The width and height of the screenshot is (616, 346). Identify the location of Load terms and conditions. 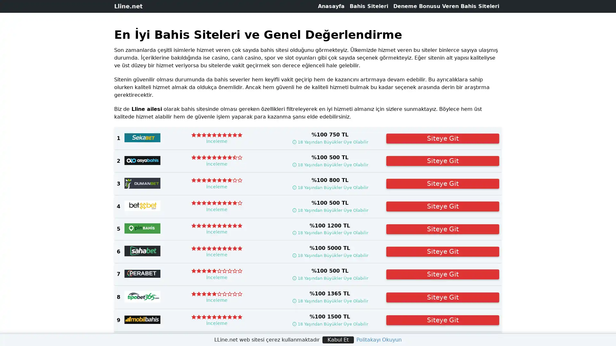
(329, 142).